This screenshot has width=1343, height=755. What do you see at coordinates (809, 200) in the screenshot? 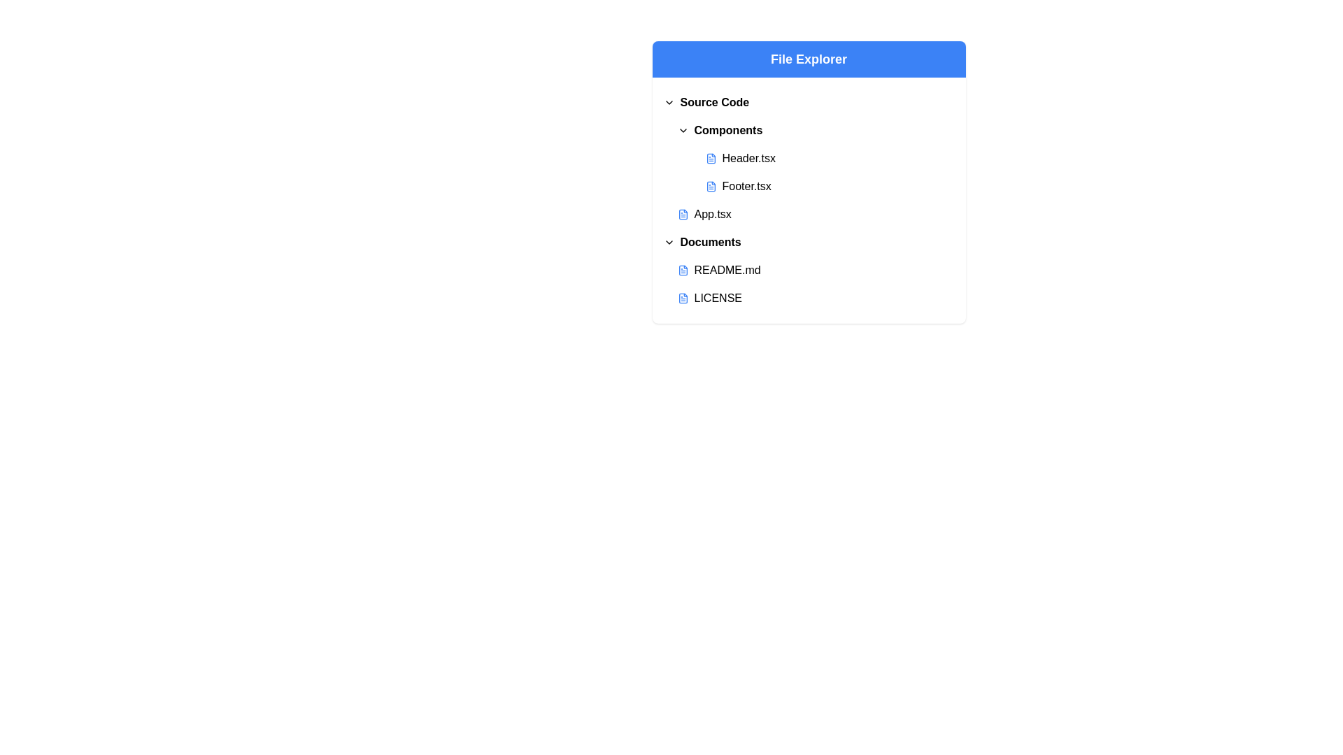
I see `the 'Components' section in the file explorer, located between 'Footer.tsx' and 'Documents'` at bounding box center [809, 200].